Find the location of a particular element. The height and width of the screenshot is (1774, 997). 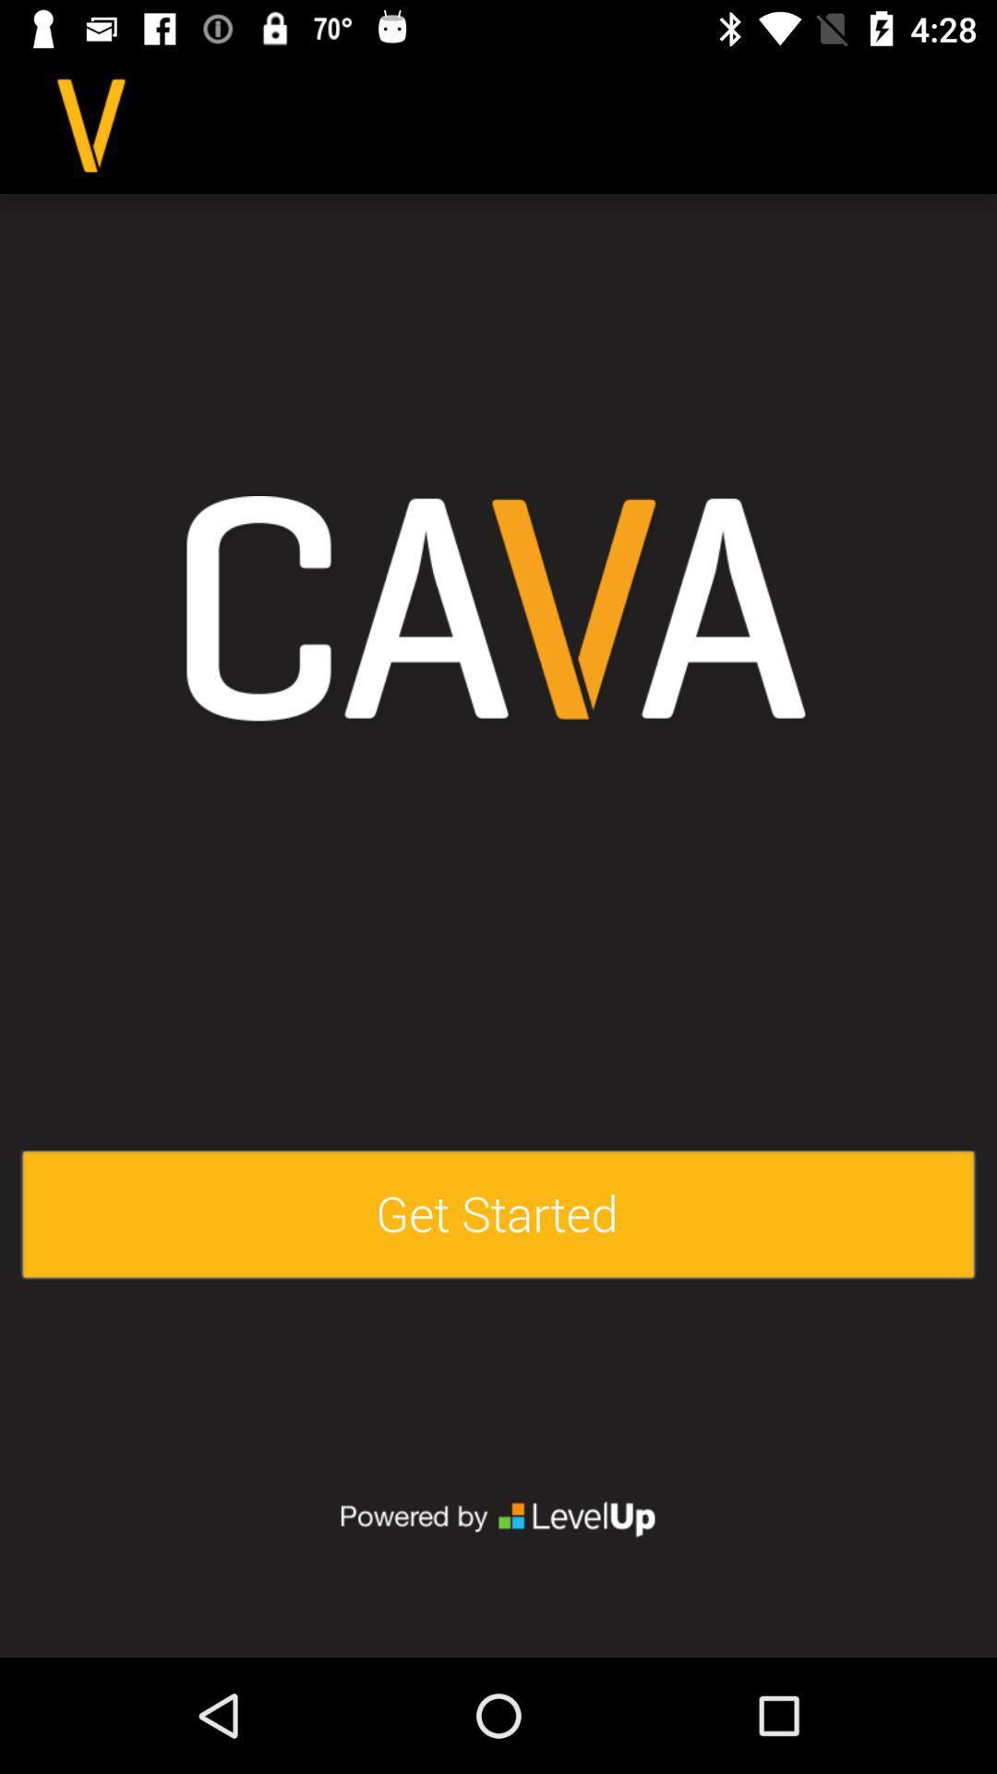

get started is located at coordinates (498, 1215).